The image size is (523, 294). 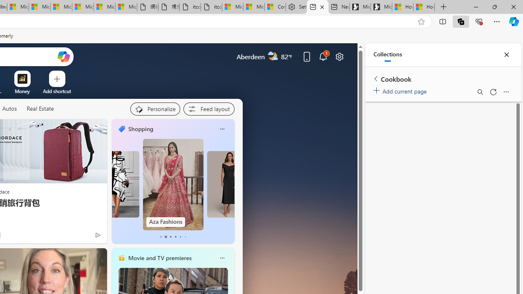 I want to click on 'Real Estate', so click(x=40, y=108).